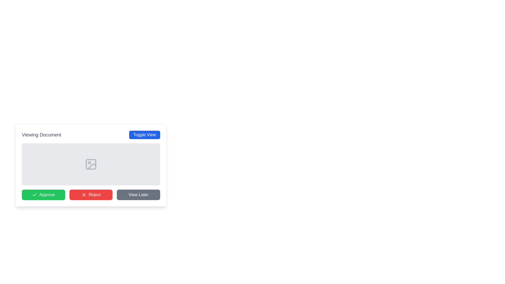 The image size is (505, 284). Describe the element at coordinates (34, 195) in the screenshot. I see `the confirmation icon within the green rectangular button labeled 'Approve' located at the bottom-left corner of the pop-up modal interface` at that location.